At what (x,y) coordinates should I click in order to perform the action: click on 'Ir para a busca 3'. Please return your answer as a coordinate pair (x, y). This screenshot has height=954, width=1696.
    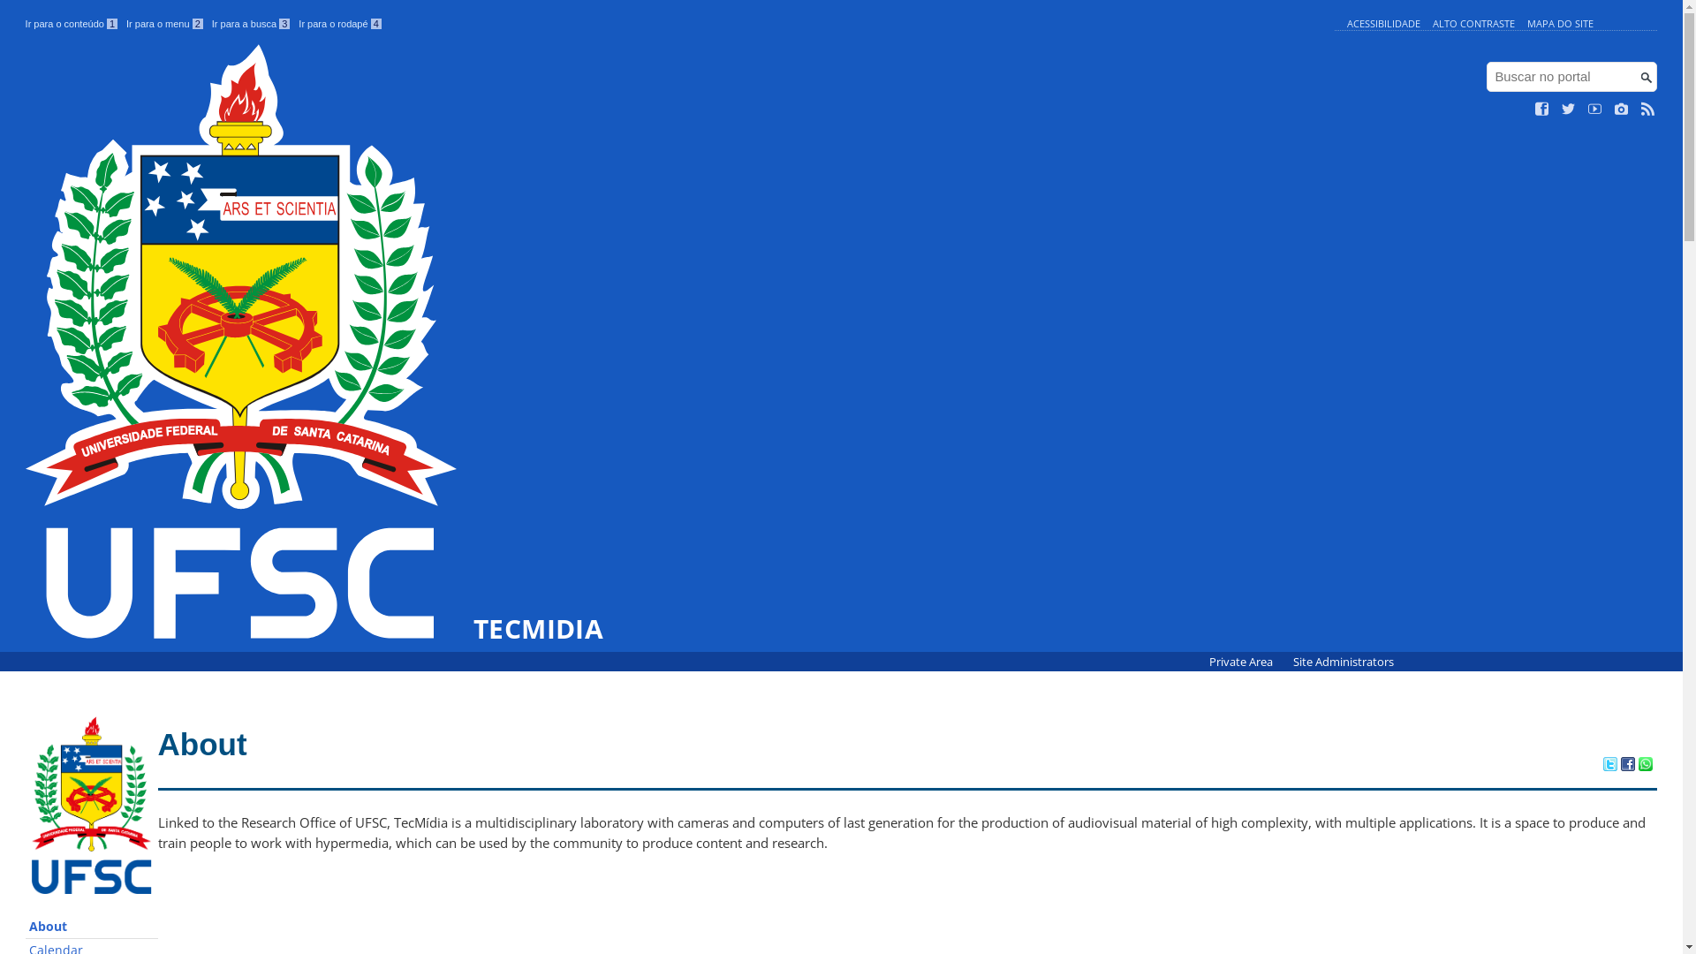
    Looking at the image, I should click on (250, 24).